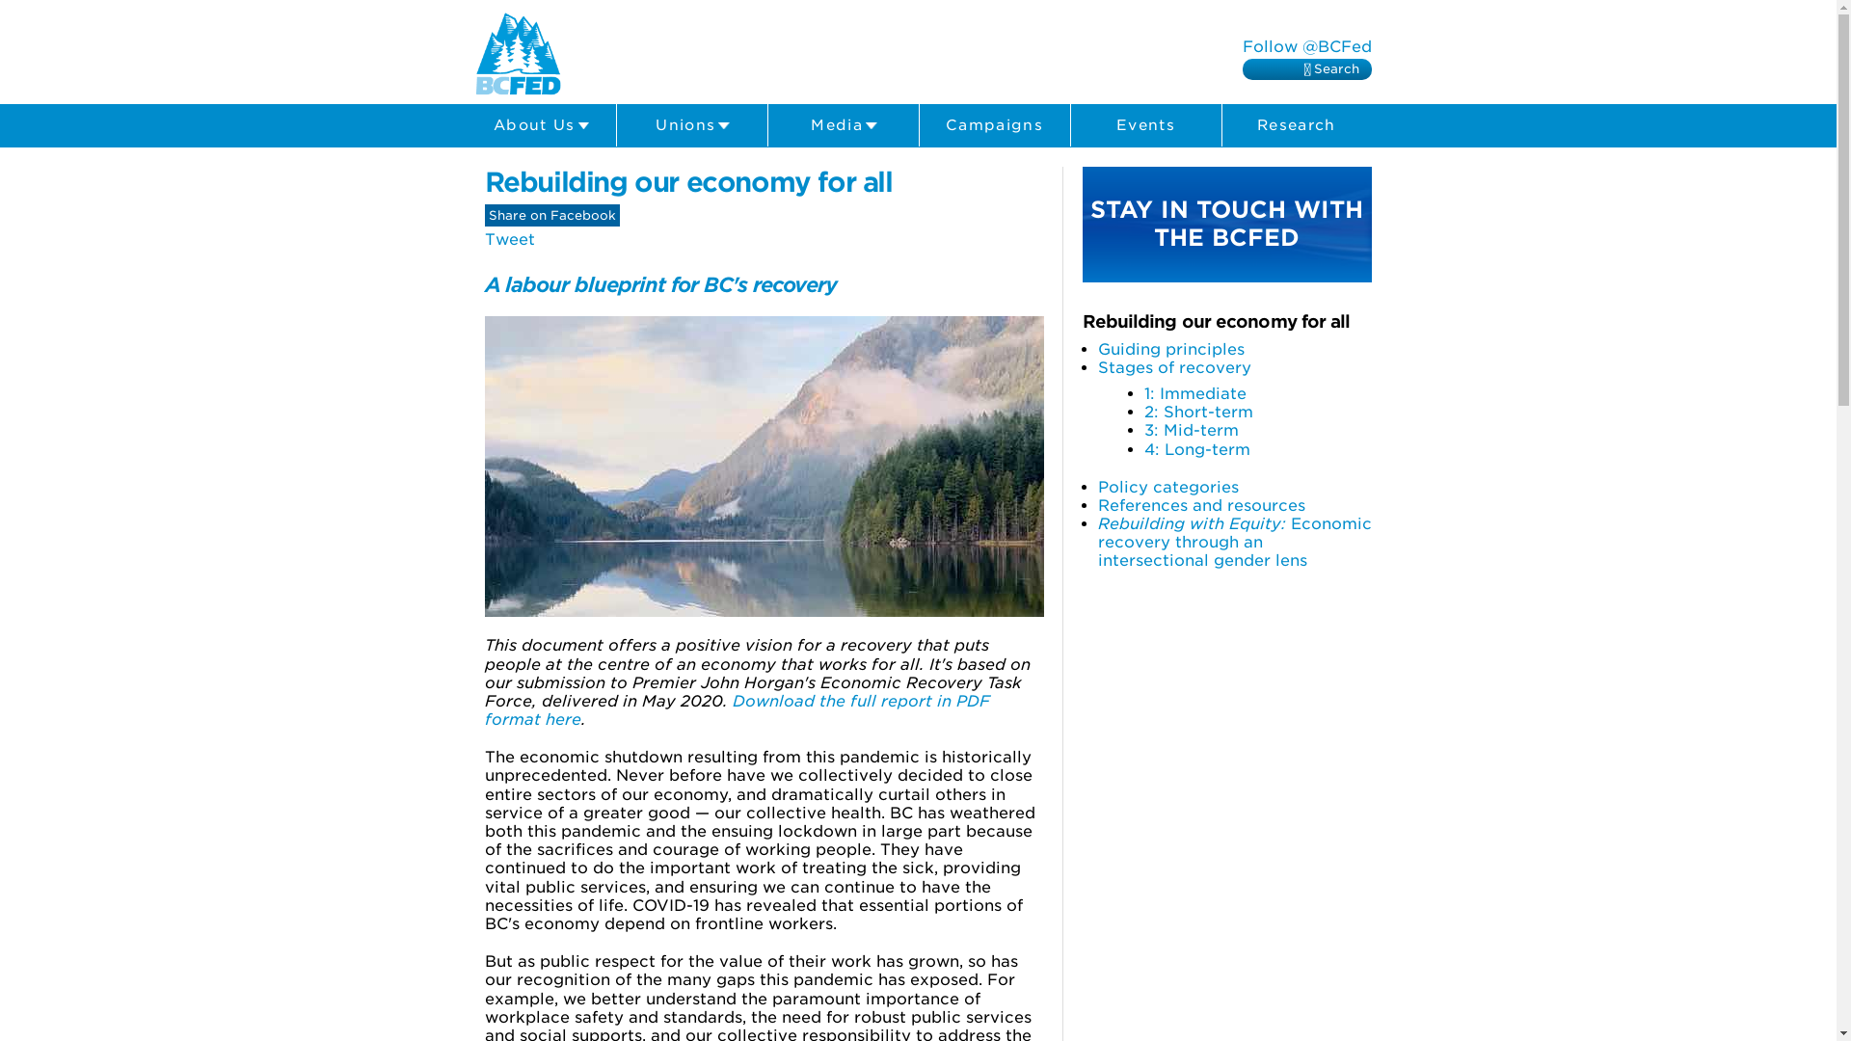  What do you see at coordinates (1169, 349) in the screenshot?
I see `'Guiding principles'` at bounding box center [1169, 349].